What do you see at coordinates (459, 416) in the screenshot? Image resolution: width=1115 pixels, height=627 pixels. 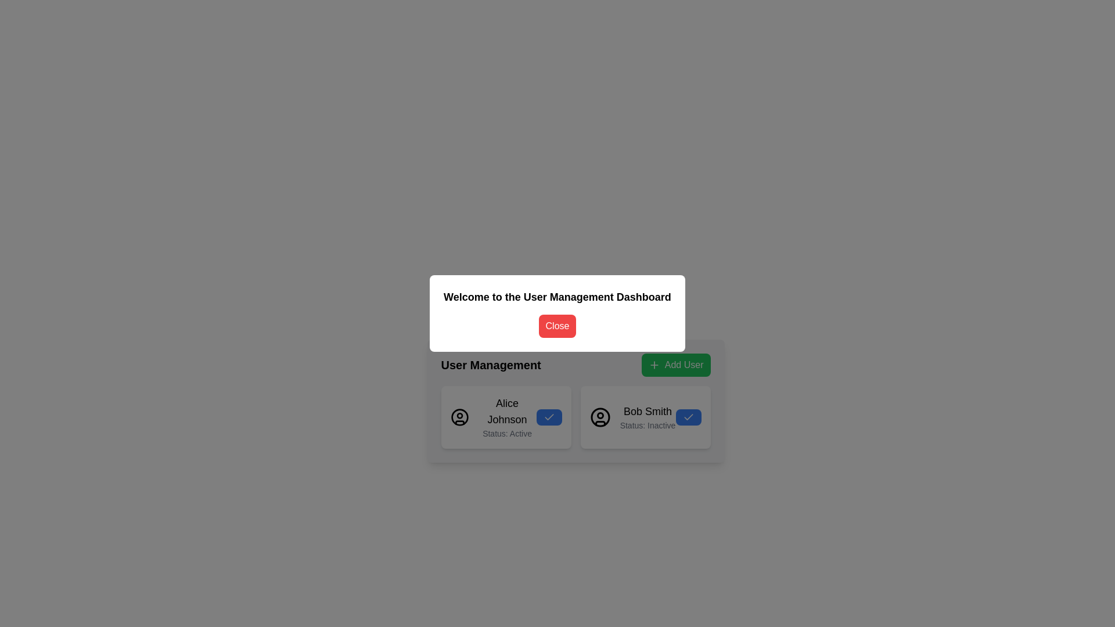 I see `the profile icon representing the user 'Alice Johnson', which is located above the text 'Alice Johnson' in the User Management section` at bounding box center [459, 416].